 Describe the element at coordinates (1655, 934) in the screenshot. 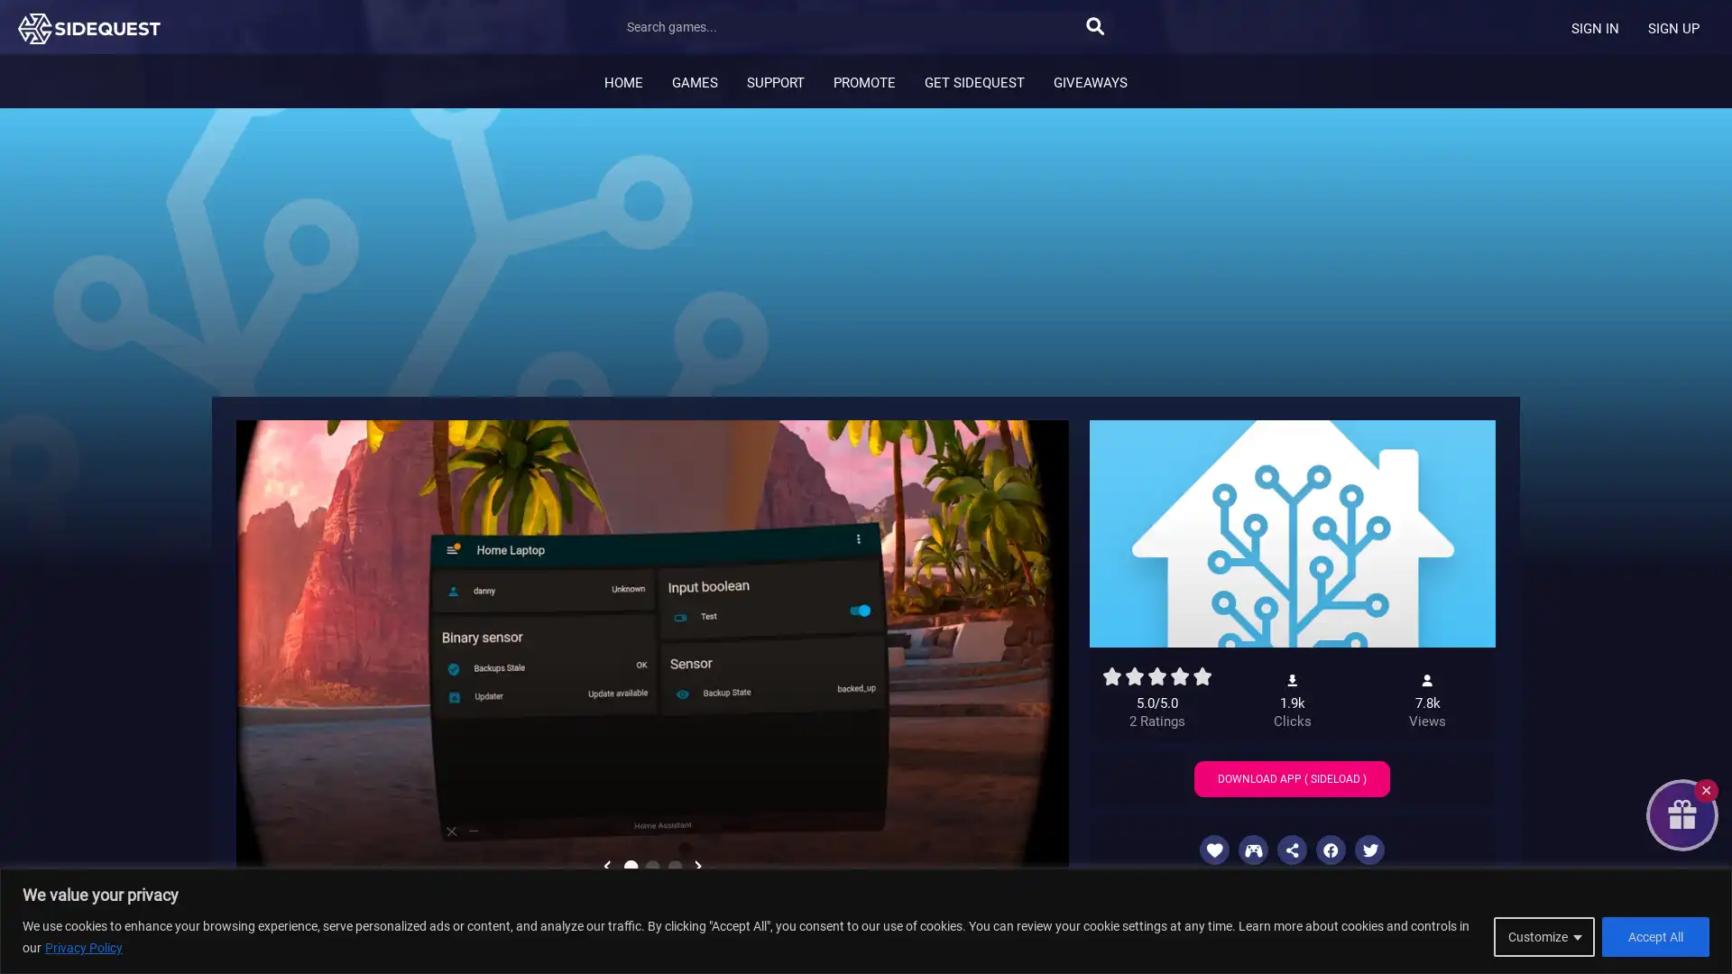

I see `Accept All` at that location.